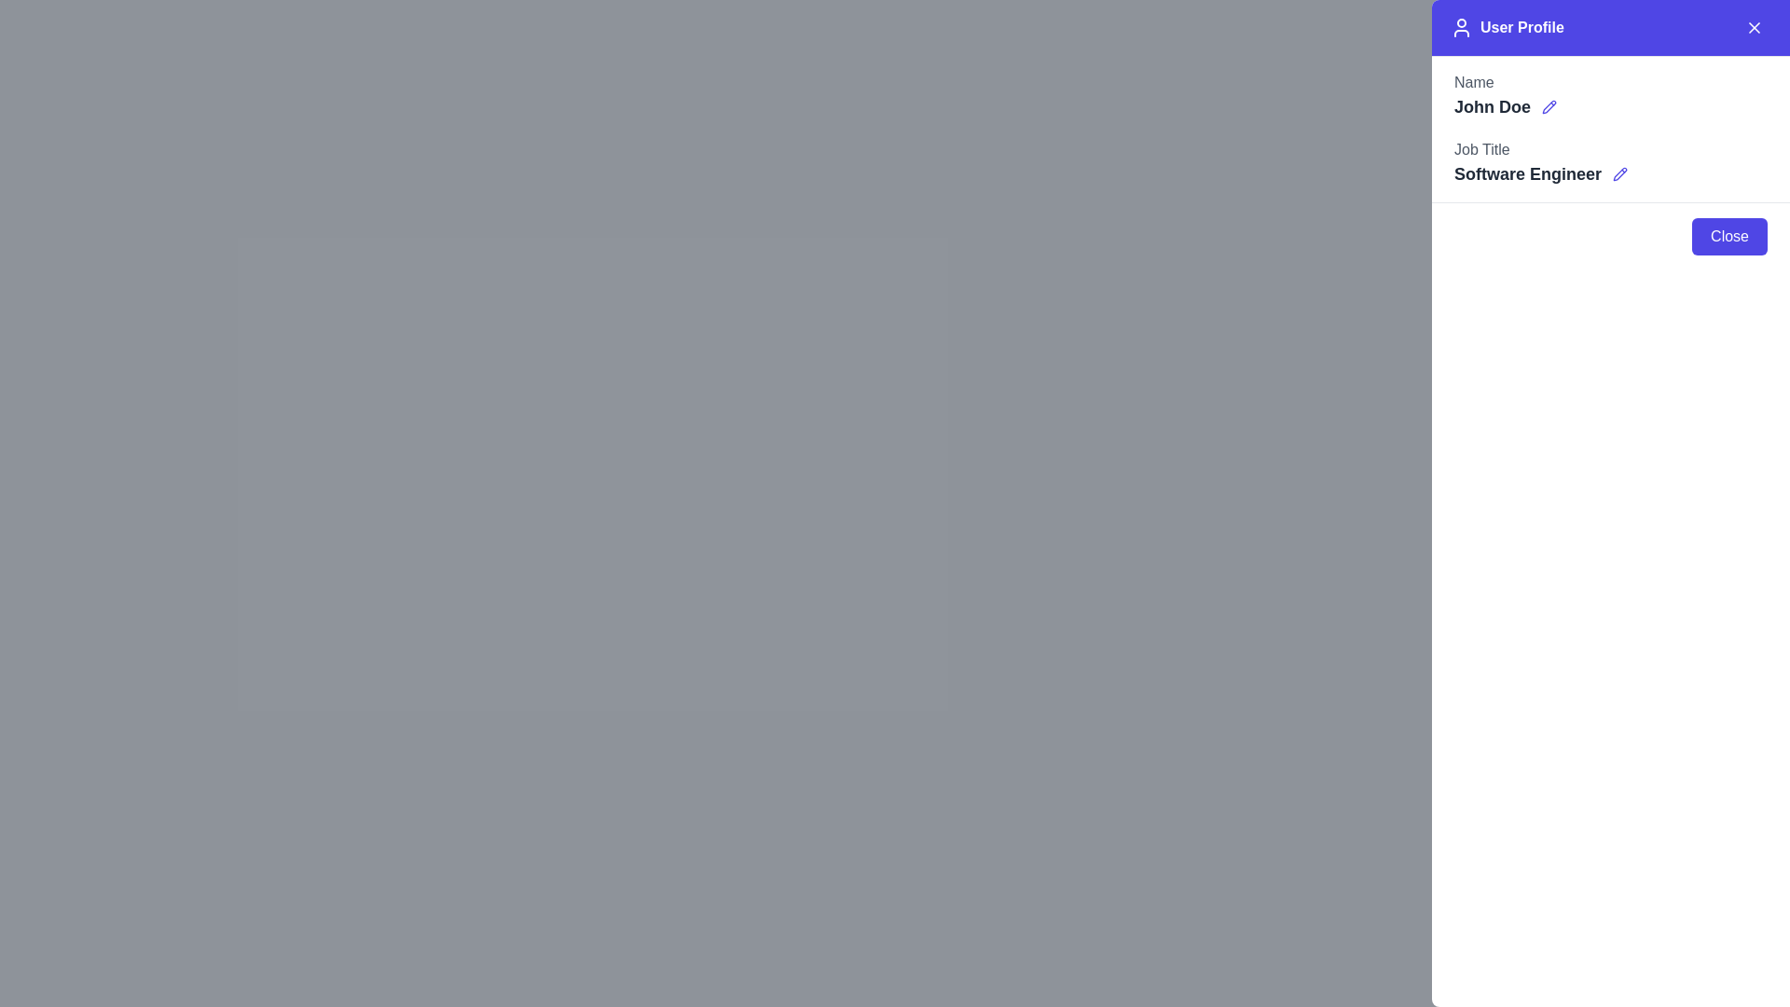 This screenshot has width=1790, height=1007. What do you see at coordinates (1549, 107) in the screenshot?
I see `the pencil icon located in the 'User Profile' panel` at bounding box center [1549, 107].